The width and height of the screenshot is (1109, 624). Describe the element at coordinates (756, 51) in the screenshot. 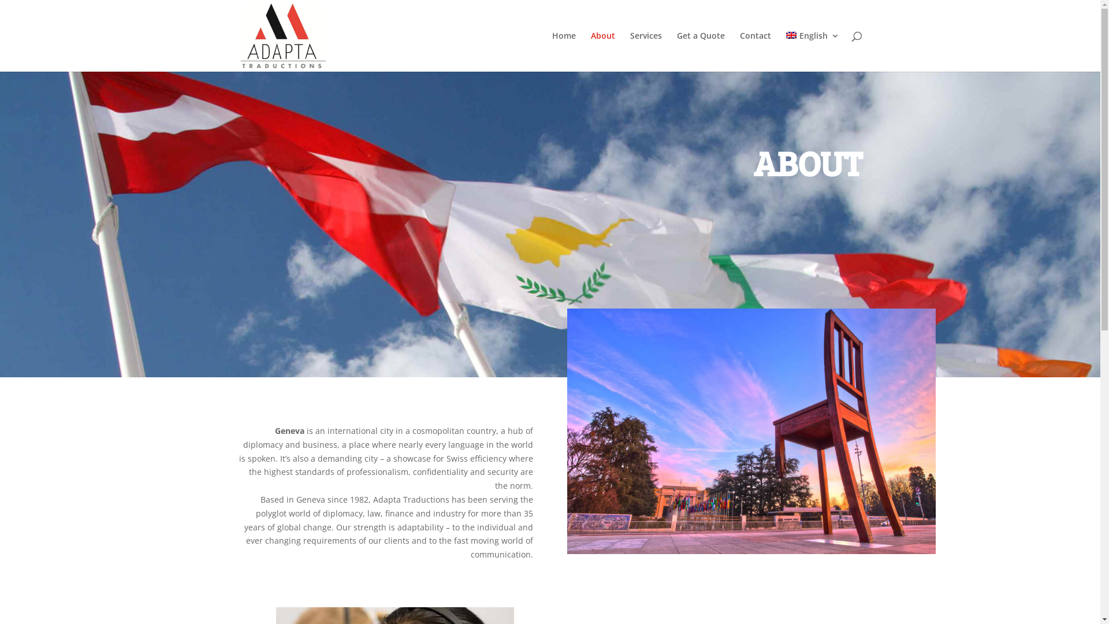

I see `'Contact'` at that location.